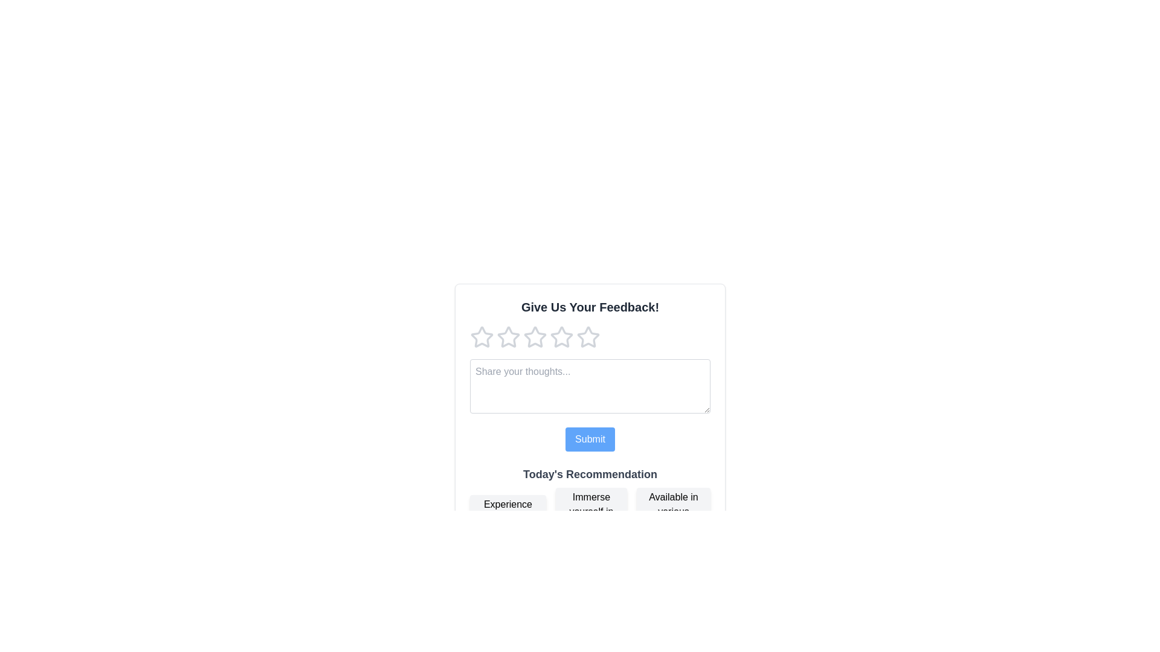 The width and height of the screenshot is (1160, 652). I want to click on the first star icon in the row of rating stars, so click(481, 337).